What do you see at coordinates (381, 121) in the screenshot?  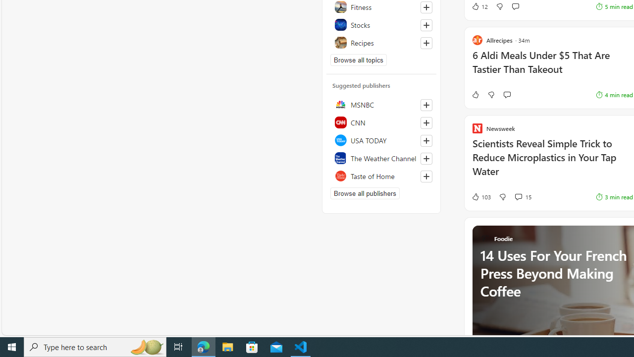 I see `'CNN'` at bounding box center [381, 121].